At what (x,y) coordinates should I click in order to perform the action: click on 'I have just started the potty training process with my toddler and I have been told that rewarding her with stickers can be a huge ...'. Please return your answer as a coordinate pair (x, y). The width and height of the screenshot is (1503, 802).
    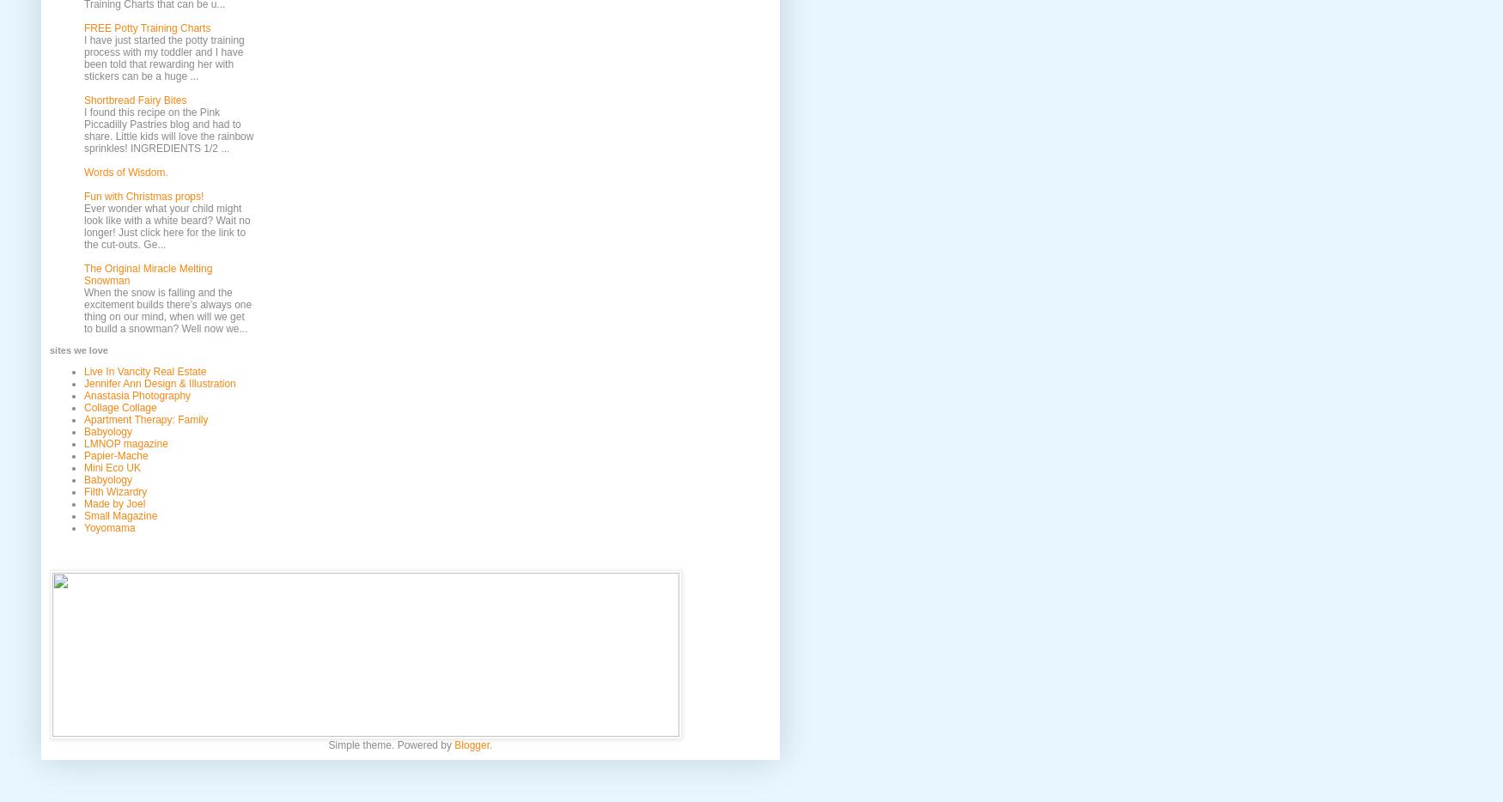
    Looking at the image, I should click on (163, 57).